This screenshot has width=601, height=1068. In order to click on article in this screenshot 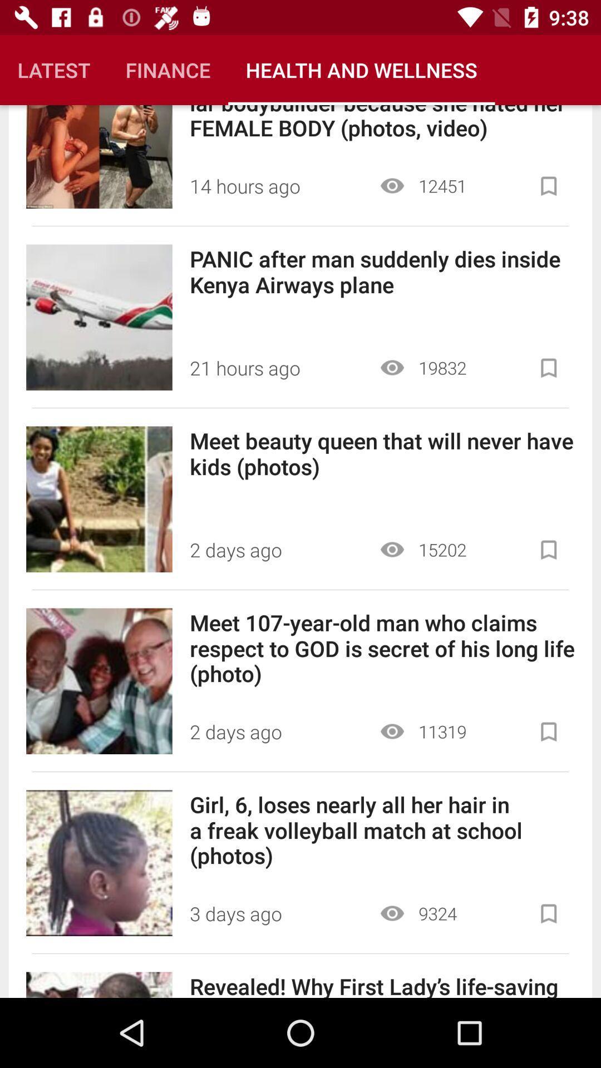, I will do `click(548, 550)`.